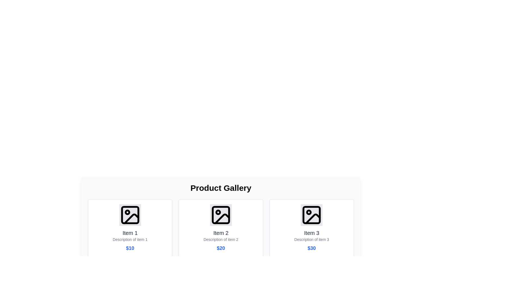 Image resolution: width=523 pixels, height=294 pixels. Describe the element at coordinates (312, 215) in the screenshot. I see `icon representing 'Item 3' in the gallery by clicking on it` at that location.